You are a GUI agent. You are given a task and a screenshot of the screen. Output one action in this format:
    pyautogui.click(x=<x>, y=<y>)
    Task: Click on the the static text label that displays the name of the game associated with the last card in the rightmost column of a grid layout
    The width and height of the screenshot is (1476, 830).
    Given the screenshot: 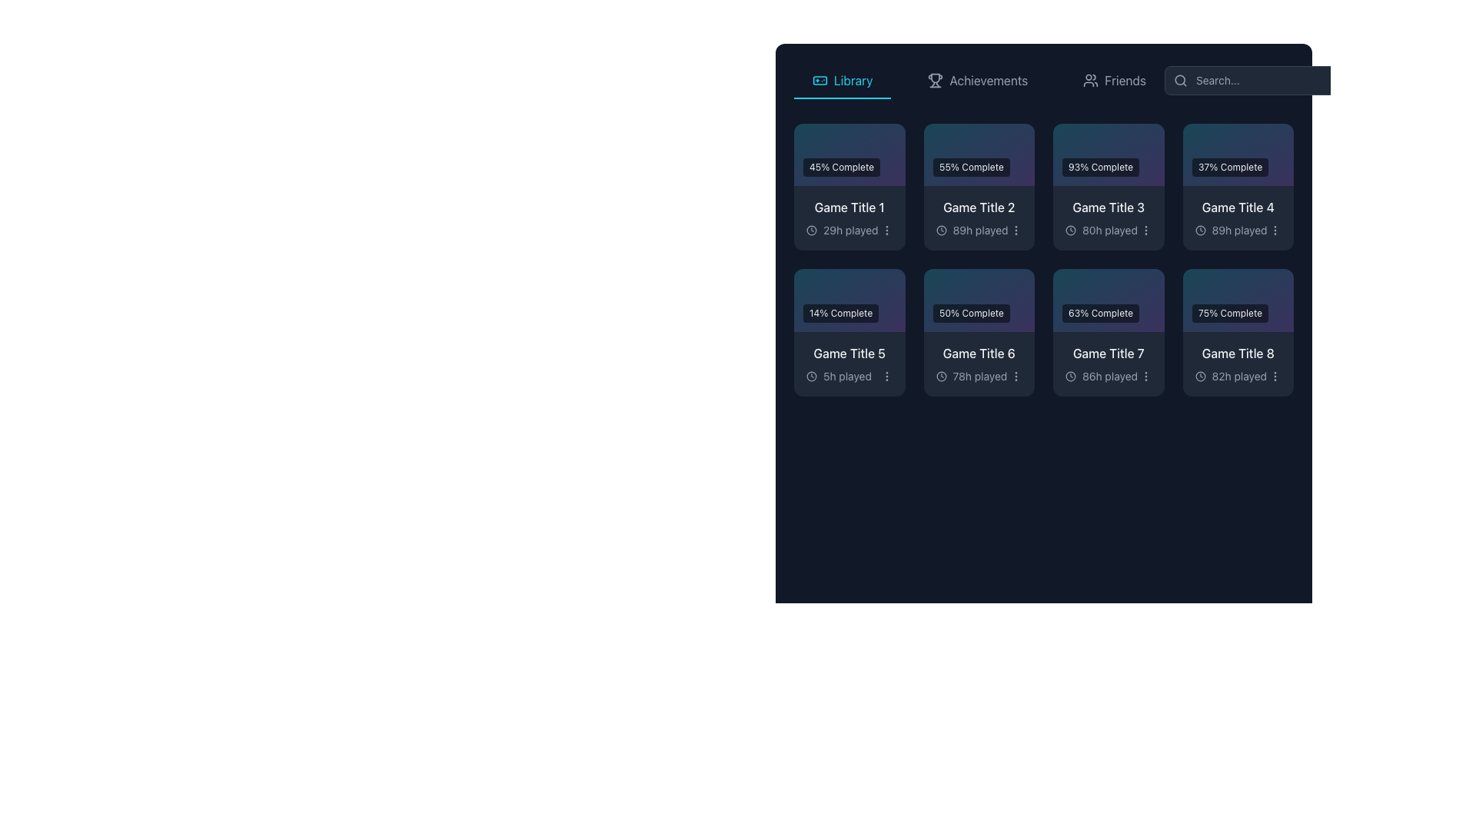 What is the action you would take?
    pyautogui.click(x=1238, y=353)
    